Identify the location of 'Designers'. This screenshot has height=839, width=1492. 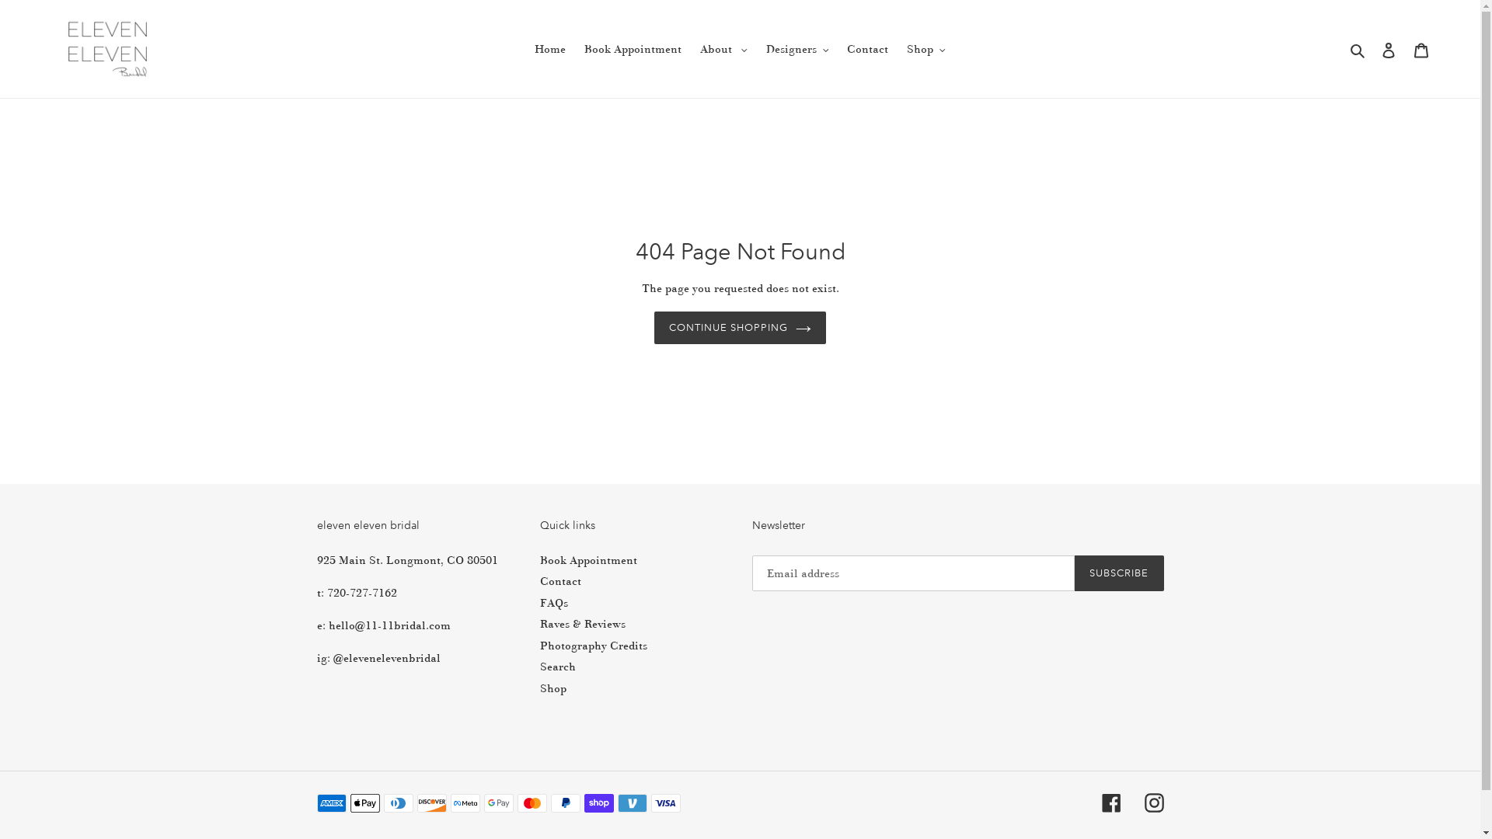
(797, 48).